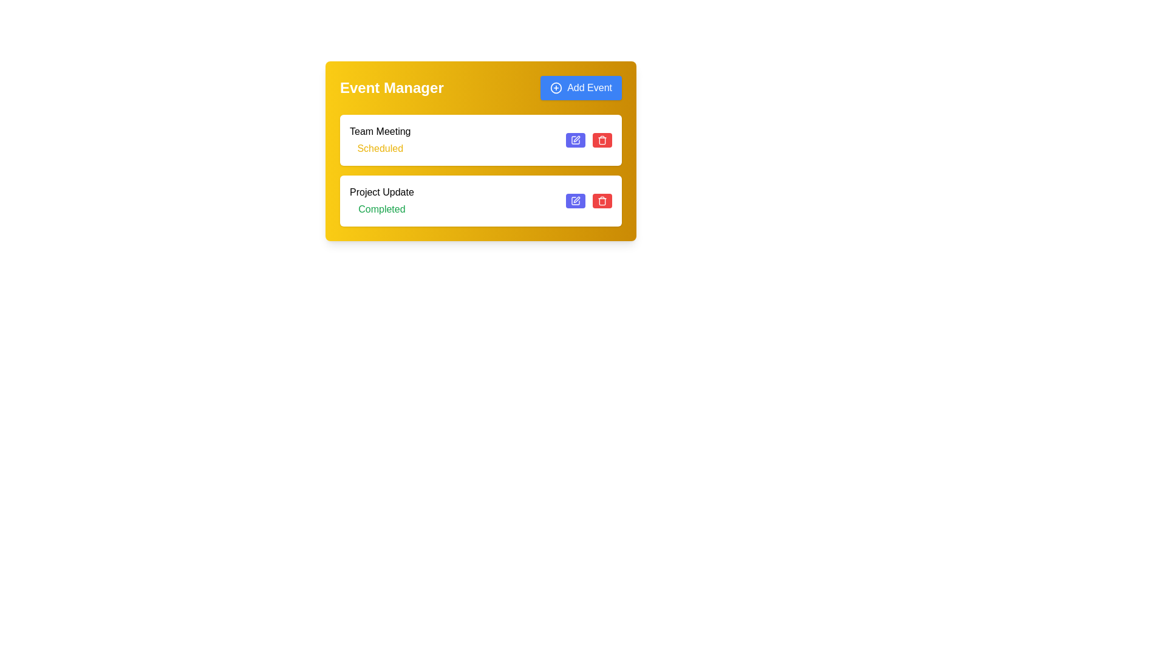  I want to click on the Text display that shows the title and status of the second item in the list under the 'Event Manager' section, specifically below the 'Team Meeting' entry, so click(381, 200).